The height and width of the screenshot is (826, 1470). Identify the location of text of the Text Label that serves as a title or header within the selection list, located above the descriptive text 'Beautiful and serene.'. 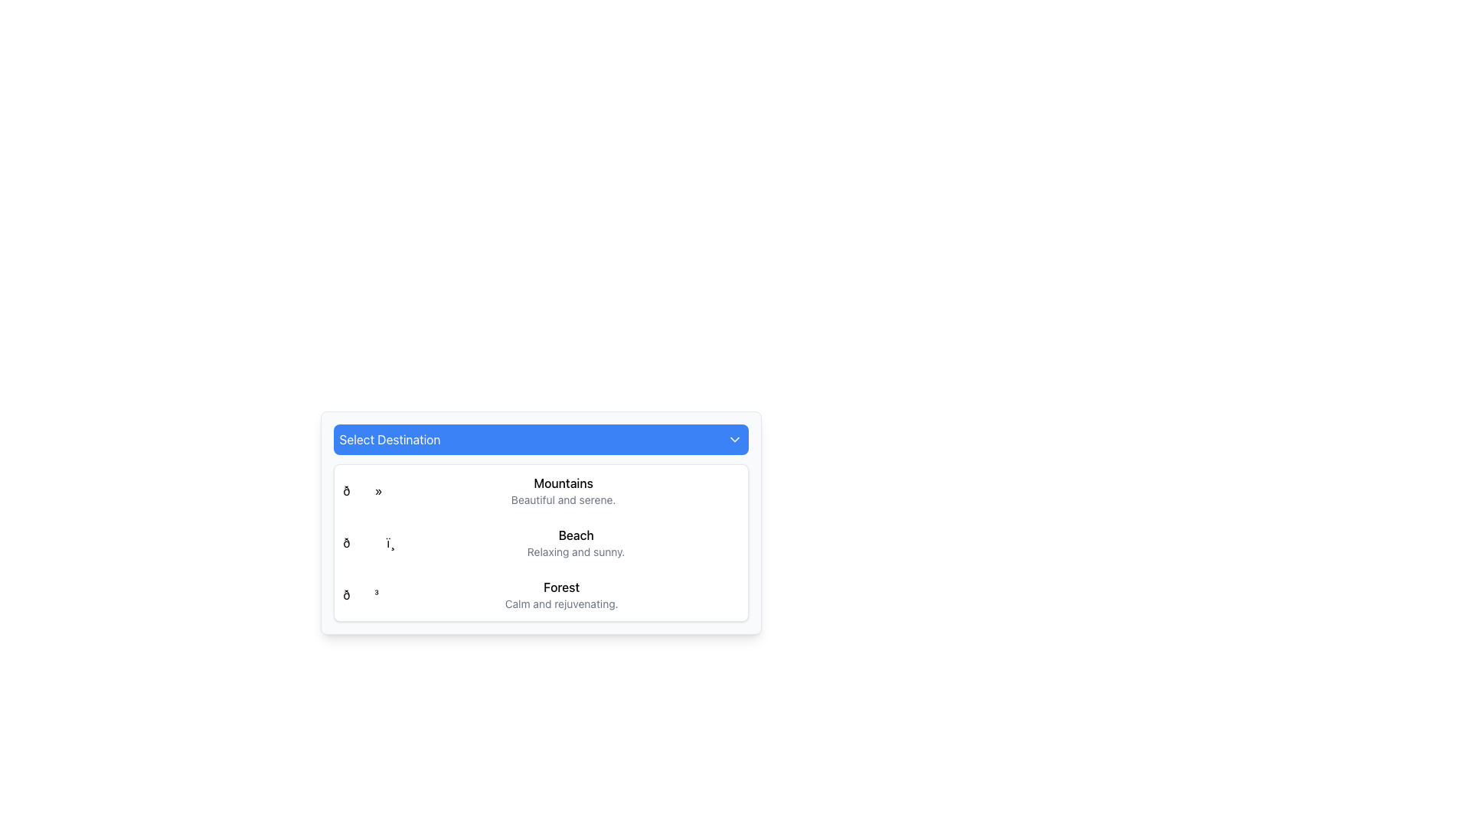
(563, 483).